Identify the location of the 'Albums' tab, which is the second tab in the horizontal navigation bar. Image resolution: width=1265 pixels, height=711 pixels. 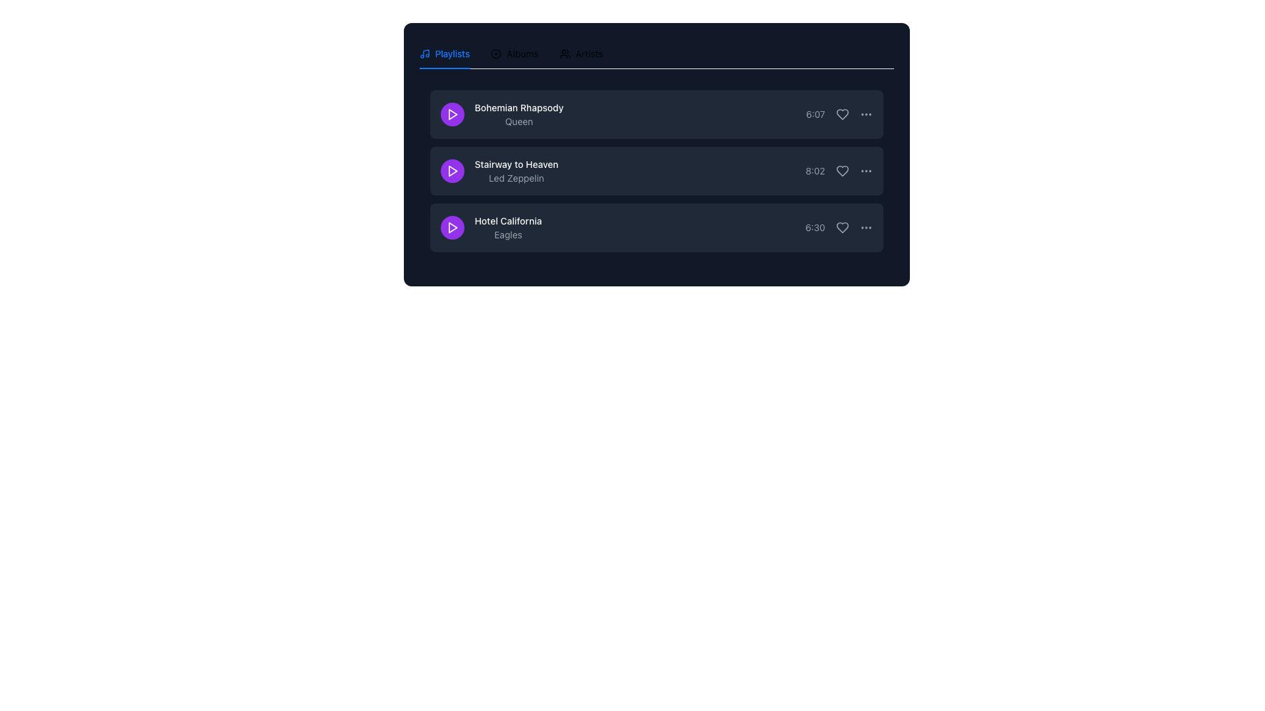
(514, 53).